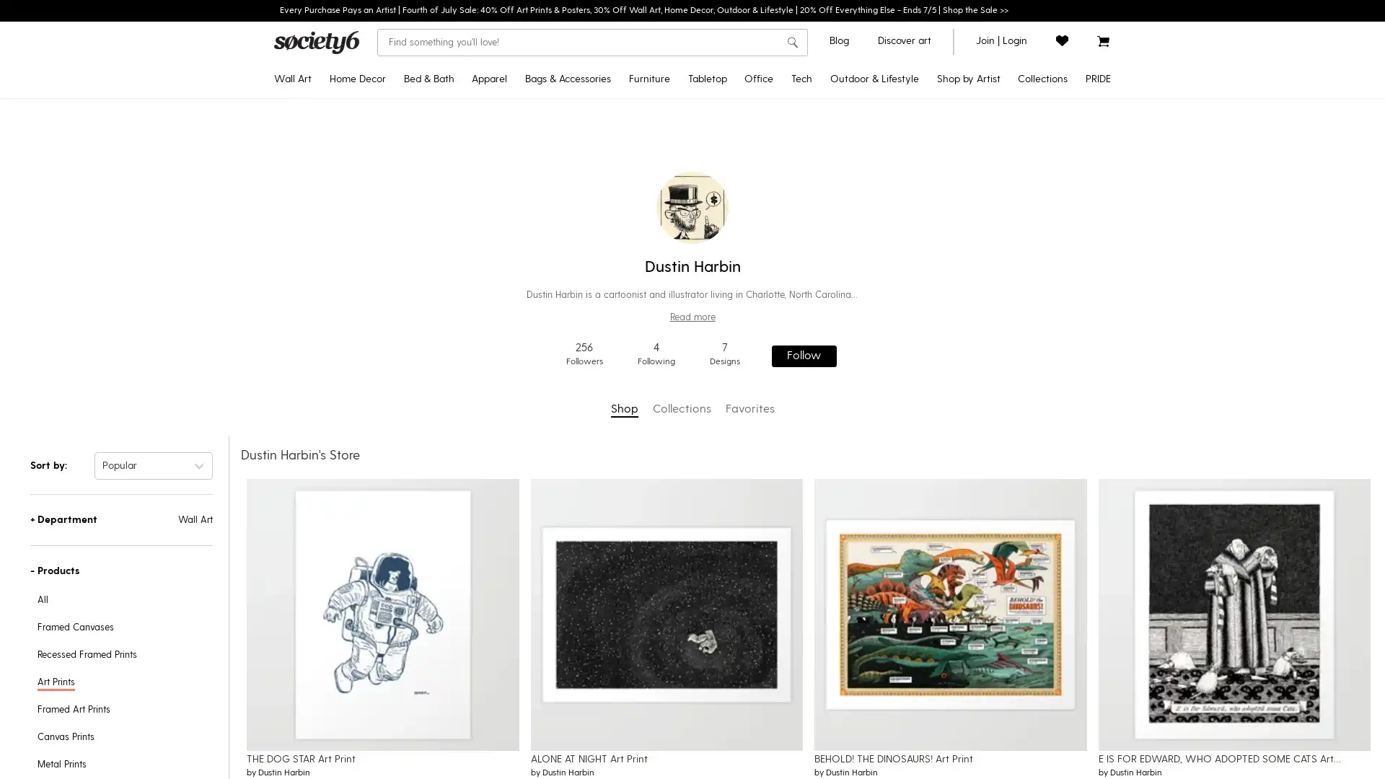 The image size is (1385, 779). I want to click on Tote Bags, so click(578, 115).